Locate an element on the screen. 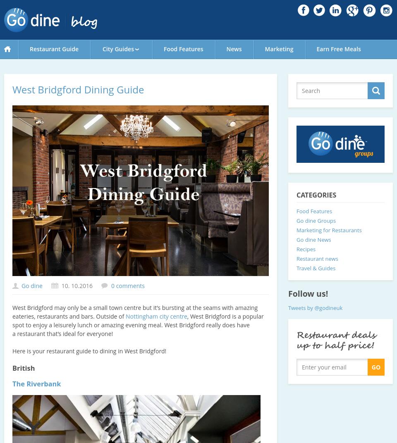 The width and height of the screenshot is (397, 443). 'Go dine' is located at coordinates (31, 285).